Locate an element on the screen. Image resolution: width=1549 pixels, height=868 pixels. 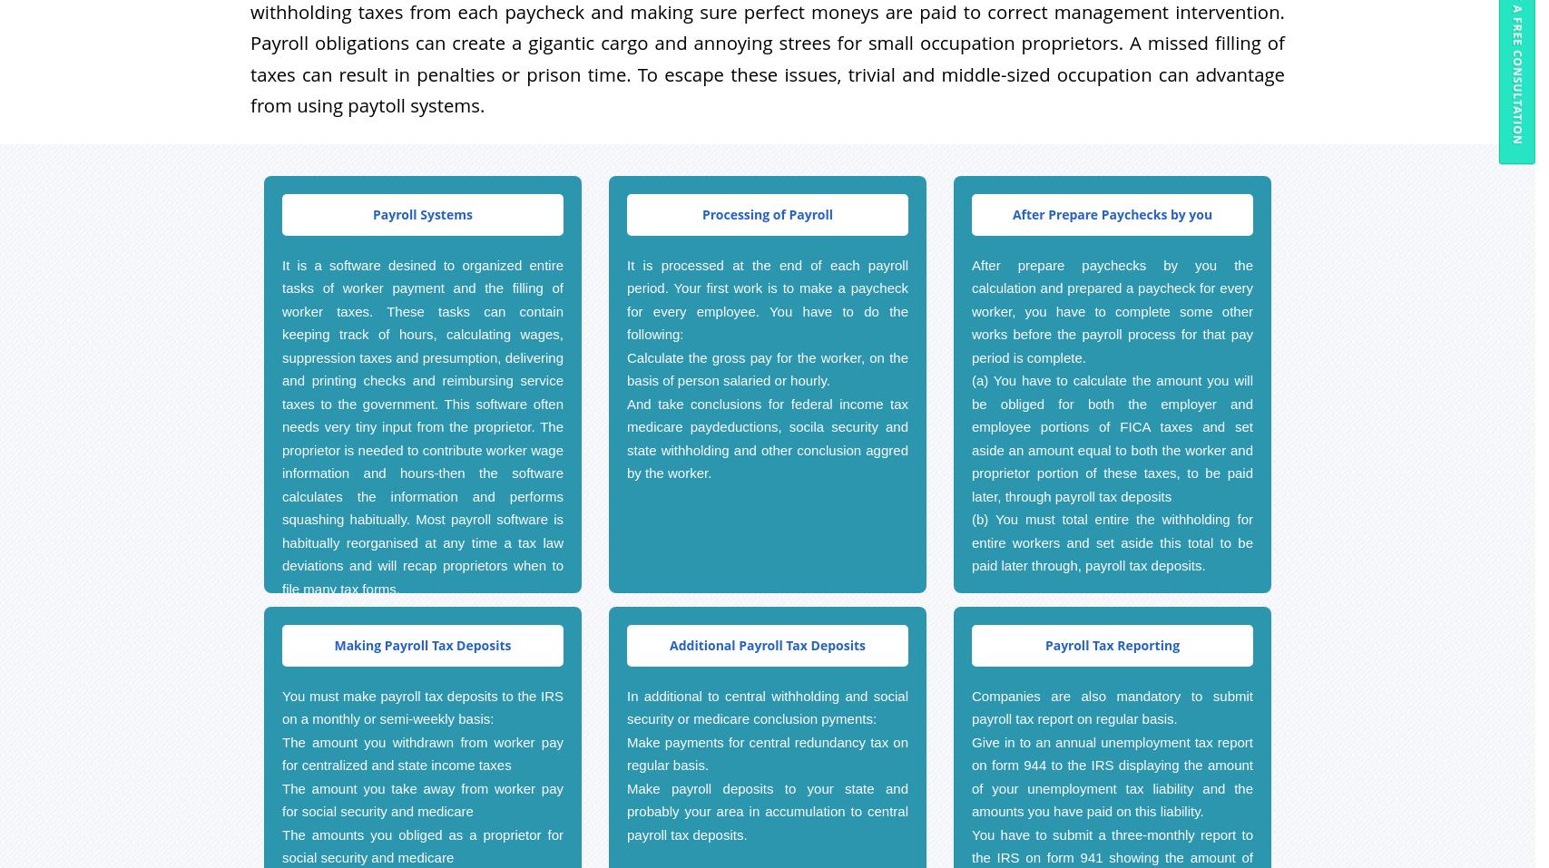
'In additional to central withholding and social security or medicare conclusion pyments:' is located at coordinates (767, 706).